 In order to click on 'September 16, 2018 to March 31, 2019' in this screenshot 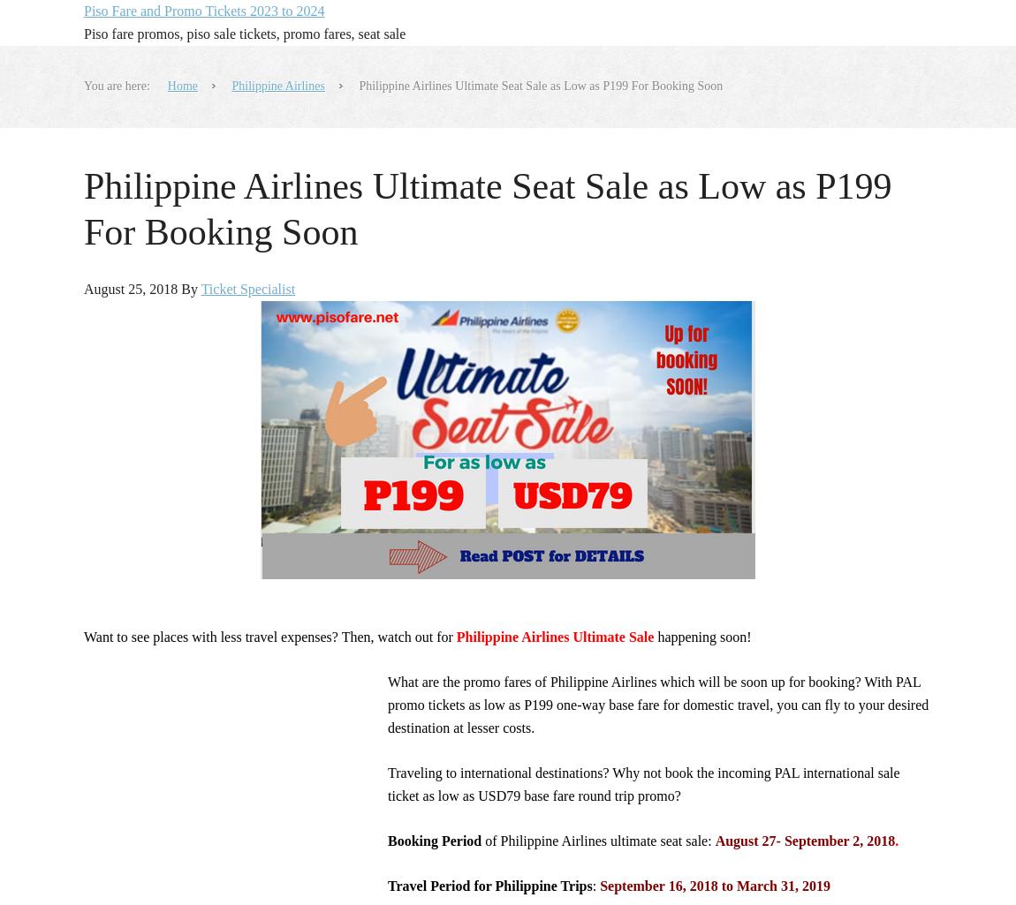, I will do `click(714, 884)`.